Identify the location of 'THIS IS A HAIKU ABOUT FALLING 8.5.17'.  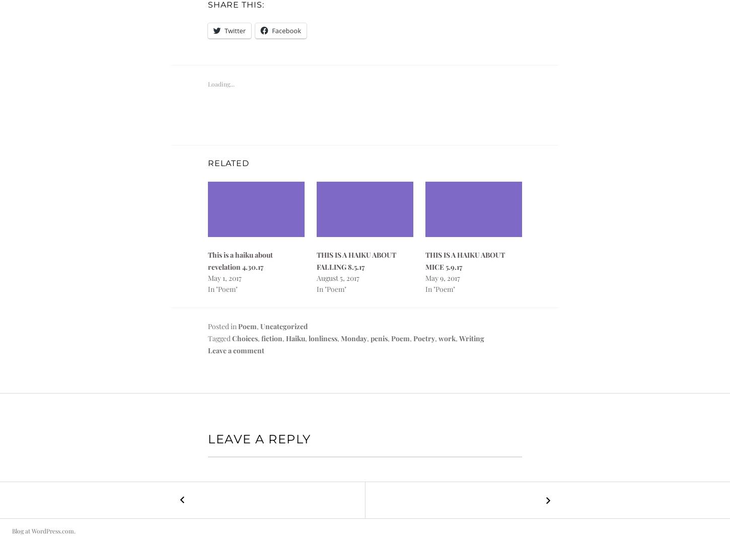
(316, 260).